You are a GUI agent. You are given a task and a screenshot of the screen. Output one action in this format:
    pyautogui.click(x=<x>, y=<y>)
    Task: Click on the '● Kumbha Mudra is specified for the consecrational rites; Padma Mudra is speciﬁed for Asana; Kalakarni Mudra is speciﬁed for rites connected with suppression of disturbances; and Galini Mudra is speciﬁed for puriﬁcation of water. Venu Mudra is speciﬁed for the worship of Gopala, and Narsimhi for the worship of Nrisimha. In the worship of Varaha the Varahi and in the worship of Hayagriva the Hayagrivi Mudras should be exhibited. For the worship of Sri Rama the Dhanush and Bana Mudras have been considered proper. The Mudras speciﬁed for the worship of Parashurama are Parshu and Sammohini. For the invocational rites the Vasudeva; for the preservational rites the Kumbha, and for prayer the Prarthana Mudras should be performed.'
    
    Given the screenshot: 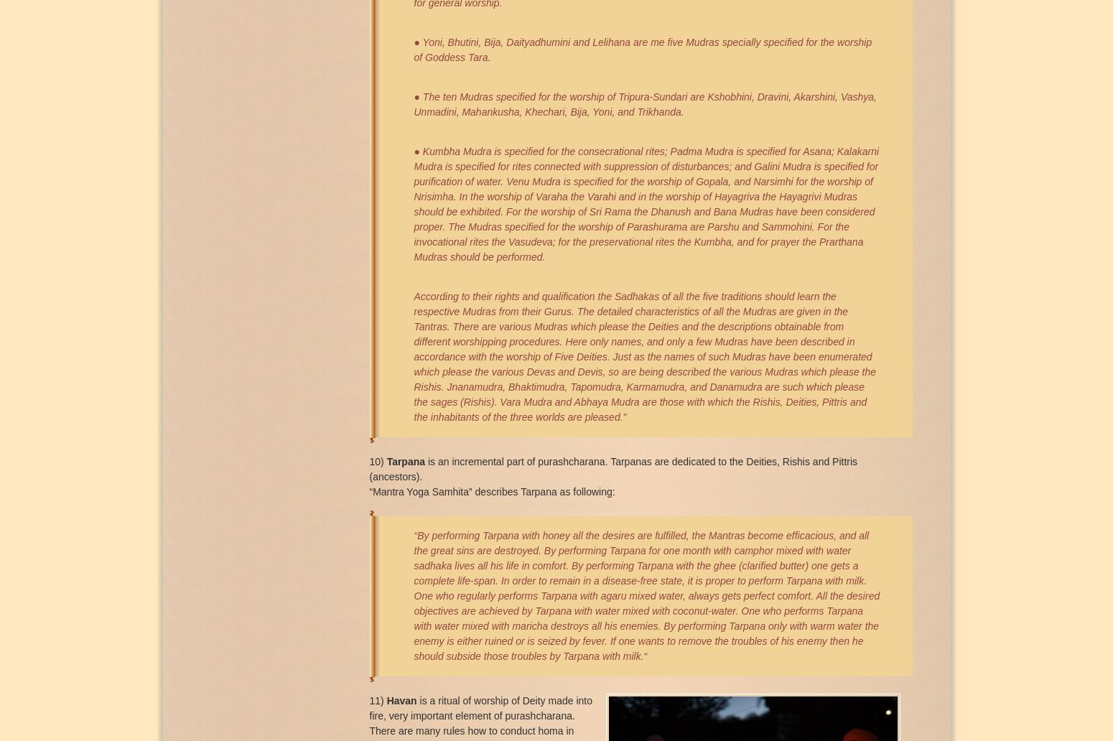 What is the action you would take?
    pyautogui.click(x=413, y=203)
    